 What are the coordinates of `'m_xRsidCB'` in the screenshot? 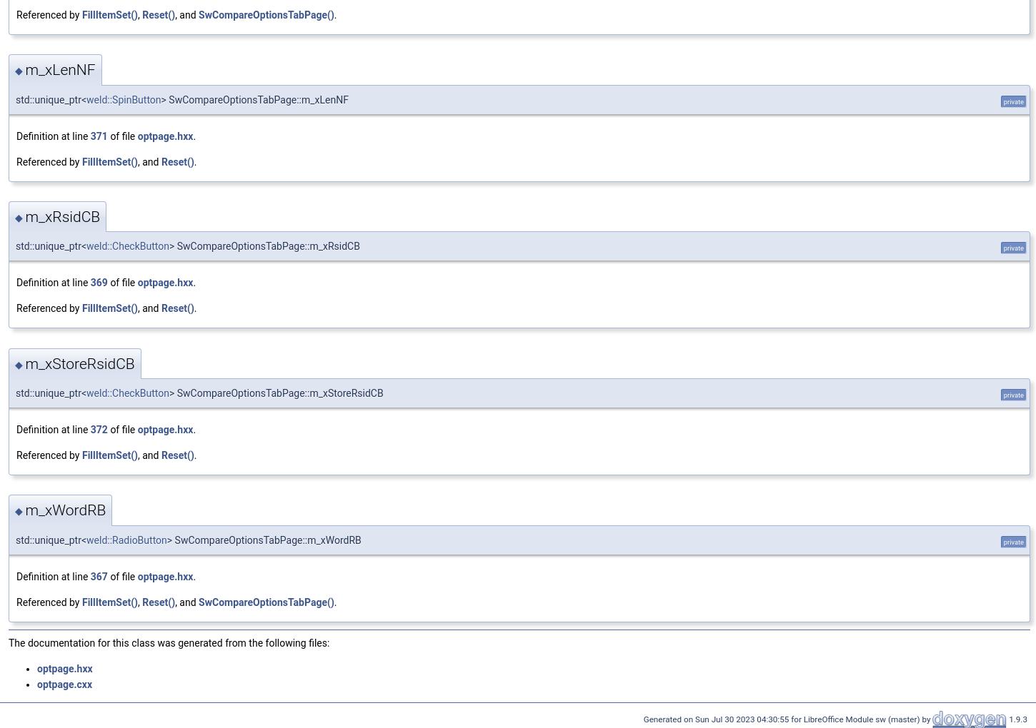 It's located at (62, 216).